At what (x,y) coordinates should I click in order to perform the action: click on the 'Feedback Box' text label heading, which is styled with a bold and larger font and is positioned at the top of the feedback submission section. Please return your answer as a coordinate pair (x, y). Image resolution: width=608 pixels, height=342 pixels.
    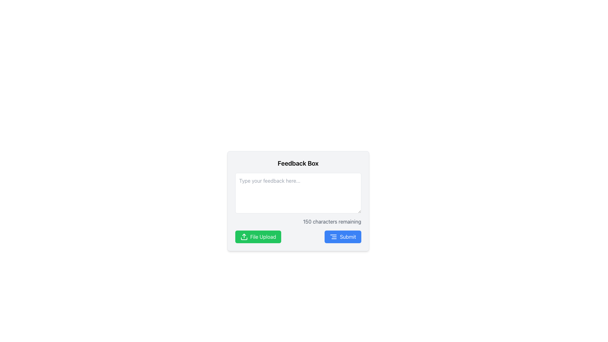
    Looking at the image, I should click on (298, 163).